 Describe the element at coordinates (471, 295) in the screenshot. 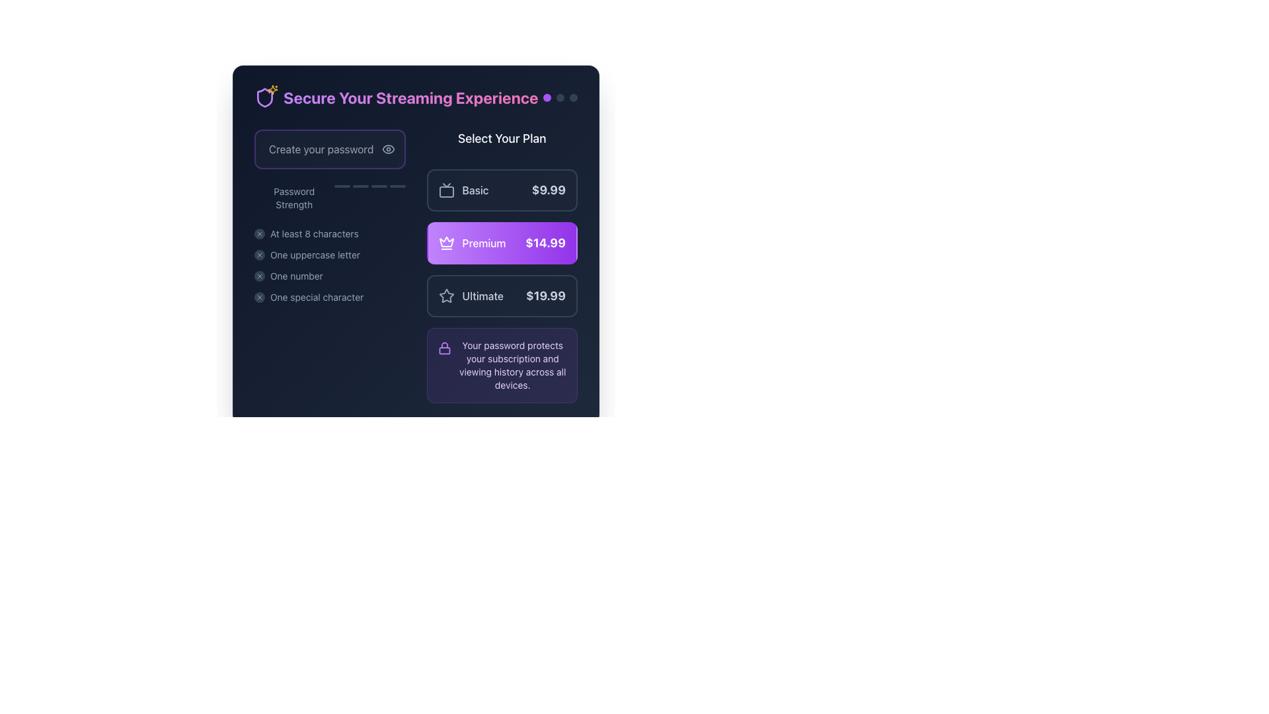

I see `the outlined star icon and the word 'Ultimate' in slate-gray text` at that location.